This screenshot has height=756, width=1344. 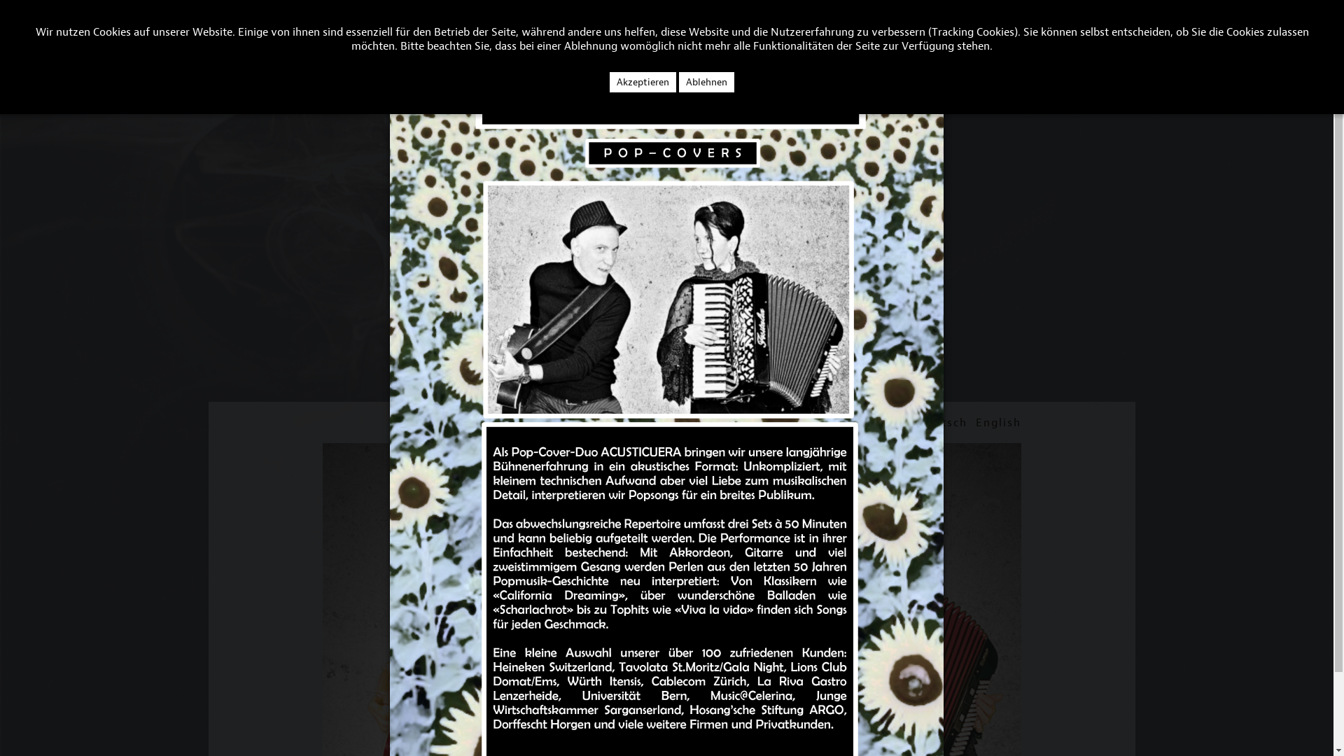 I want to click on 'Ablehnen', so click(x=706, y=82).